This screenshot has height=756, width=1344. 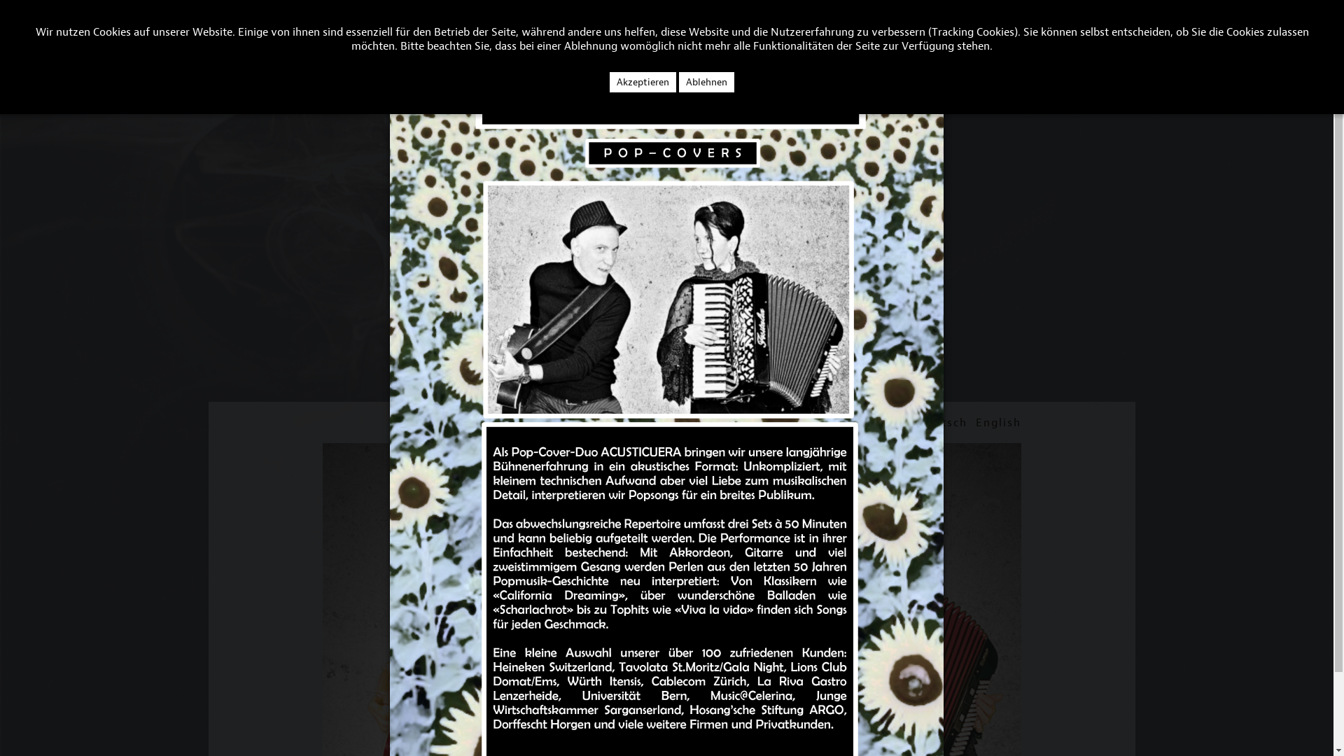 I want to click on 'Ablehnen', so click(x=706, y=82).